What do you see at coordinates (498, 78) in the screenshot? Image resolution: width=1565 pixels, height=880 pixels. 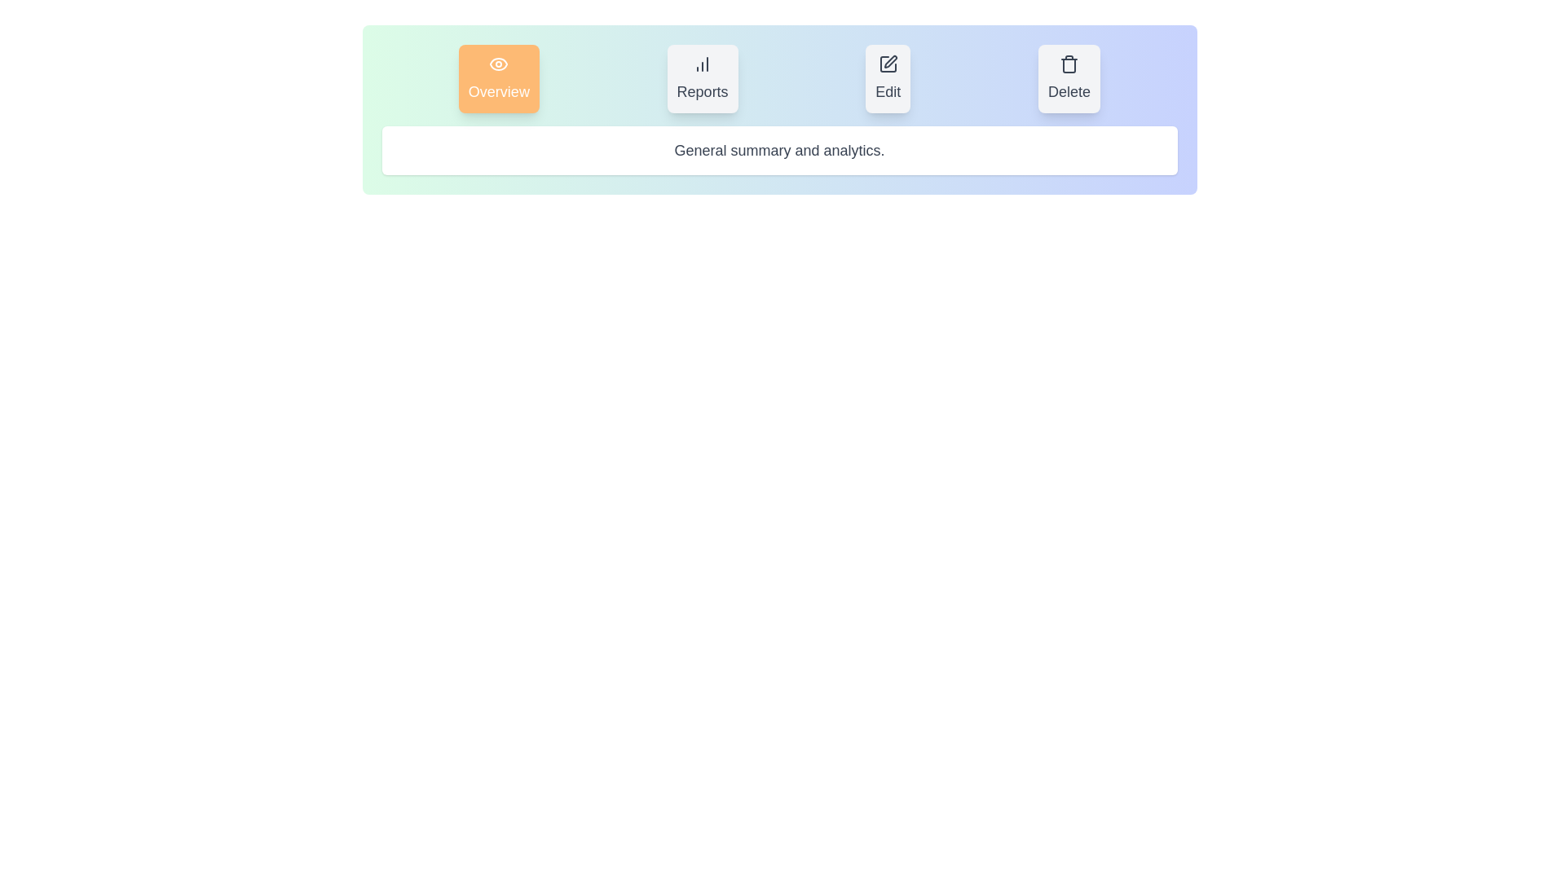 I see `the button labeled Overview to observe its hover effect` at bounding box center [498, 78].